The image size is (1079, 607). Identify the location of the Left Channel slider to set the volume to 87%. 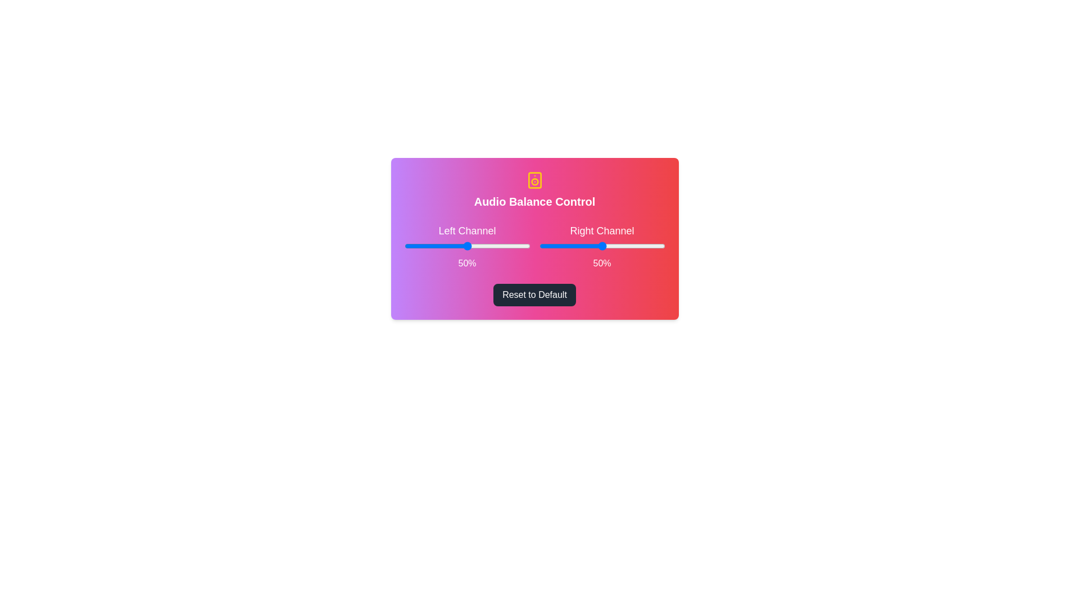
(513, 246).